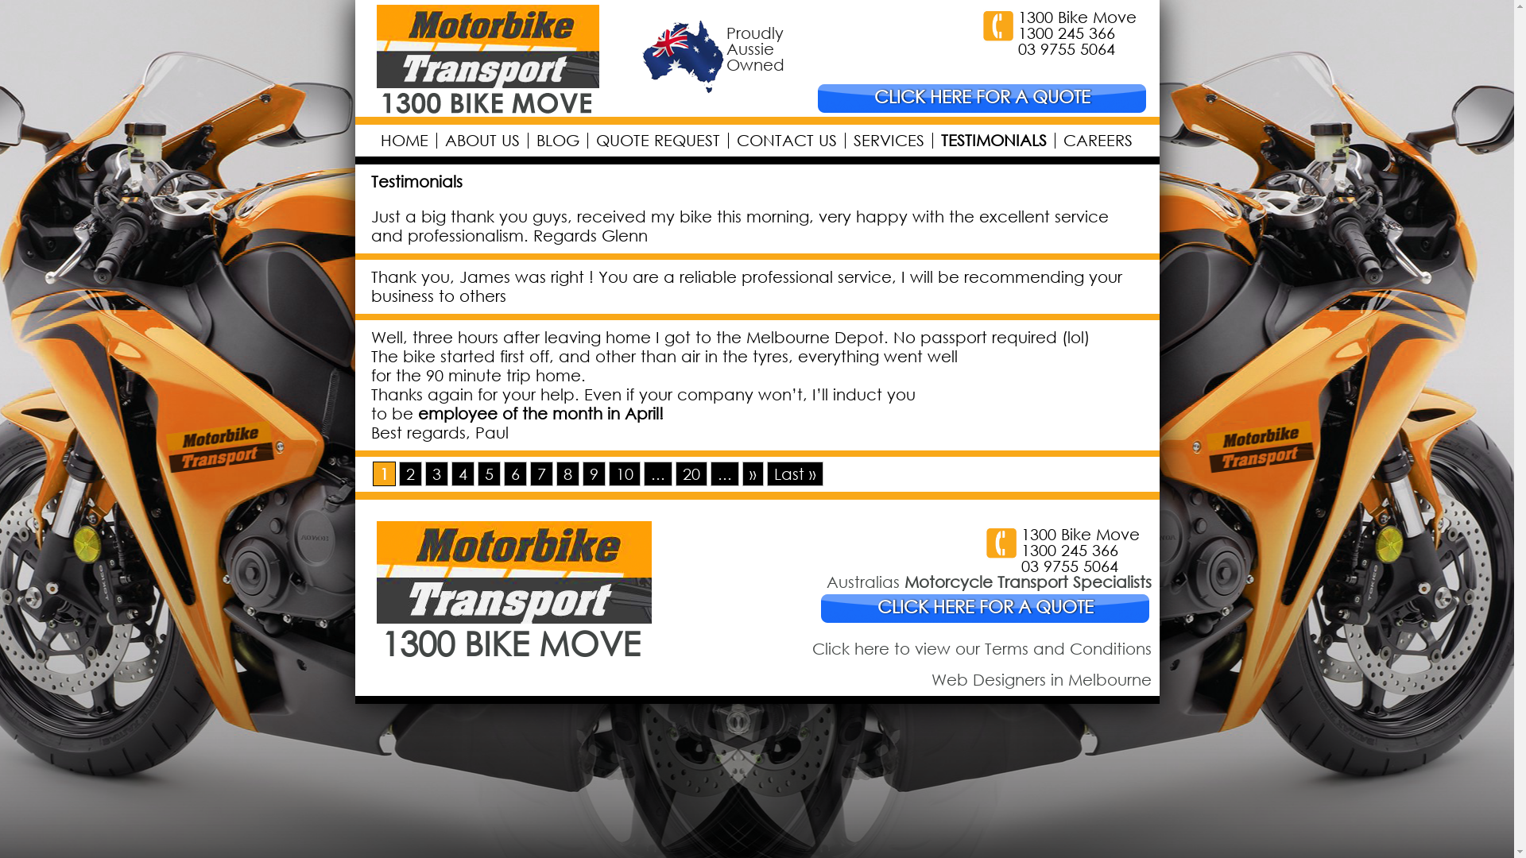 The height and width of the screenshot is (858, 1526). Describe the element at coordinates (476, 473) in the screenshot. I see `'5'` at that location.